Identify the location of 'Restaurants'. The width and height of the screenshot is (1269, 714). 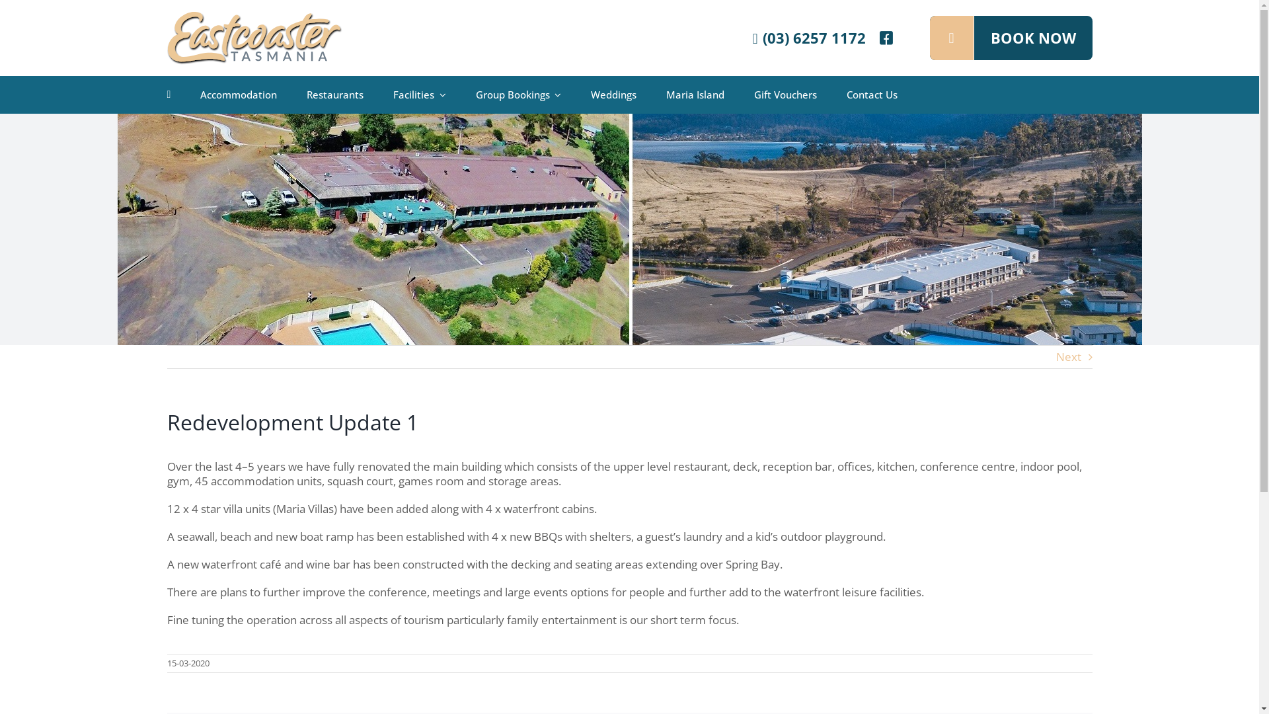
(335, 94).